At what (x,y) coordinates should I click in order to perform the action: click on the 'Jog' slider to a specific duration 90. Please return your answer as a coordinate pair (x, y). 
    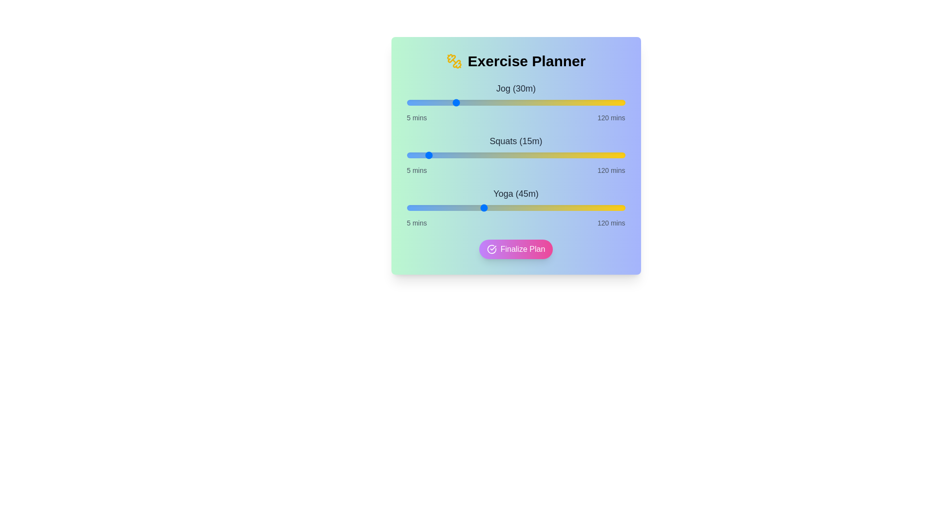
    Looking at the image, I should click on (568, 103).